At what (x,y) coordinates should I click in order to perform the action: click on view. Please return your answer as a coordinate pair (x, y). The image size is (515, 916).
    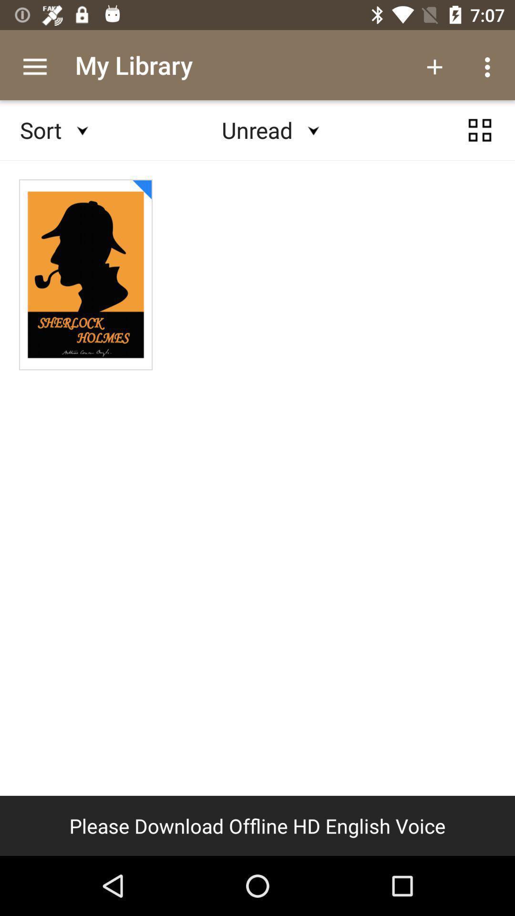
    Looking at the image, I should click on (480, 130).